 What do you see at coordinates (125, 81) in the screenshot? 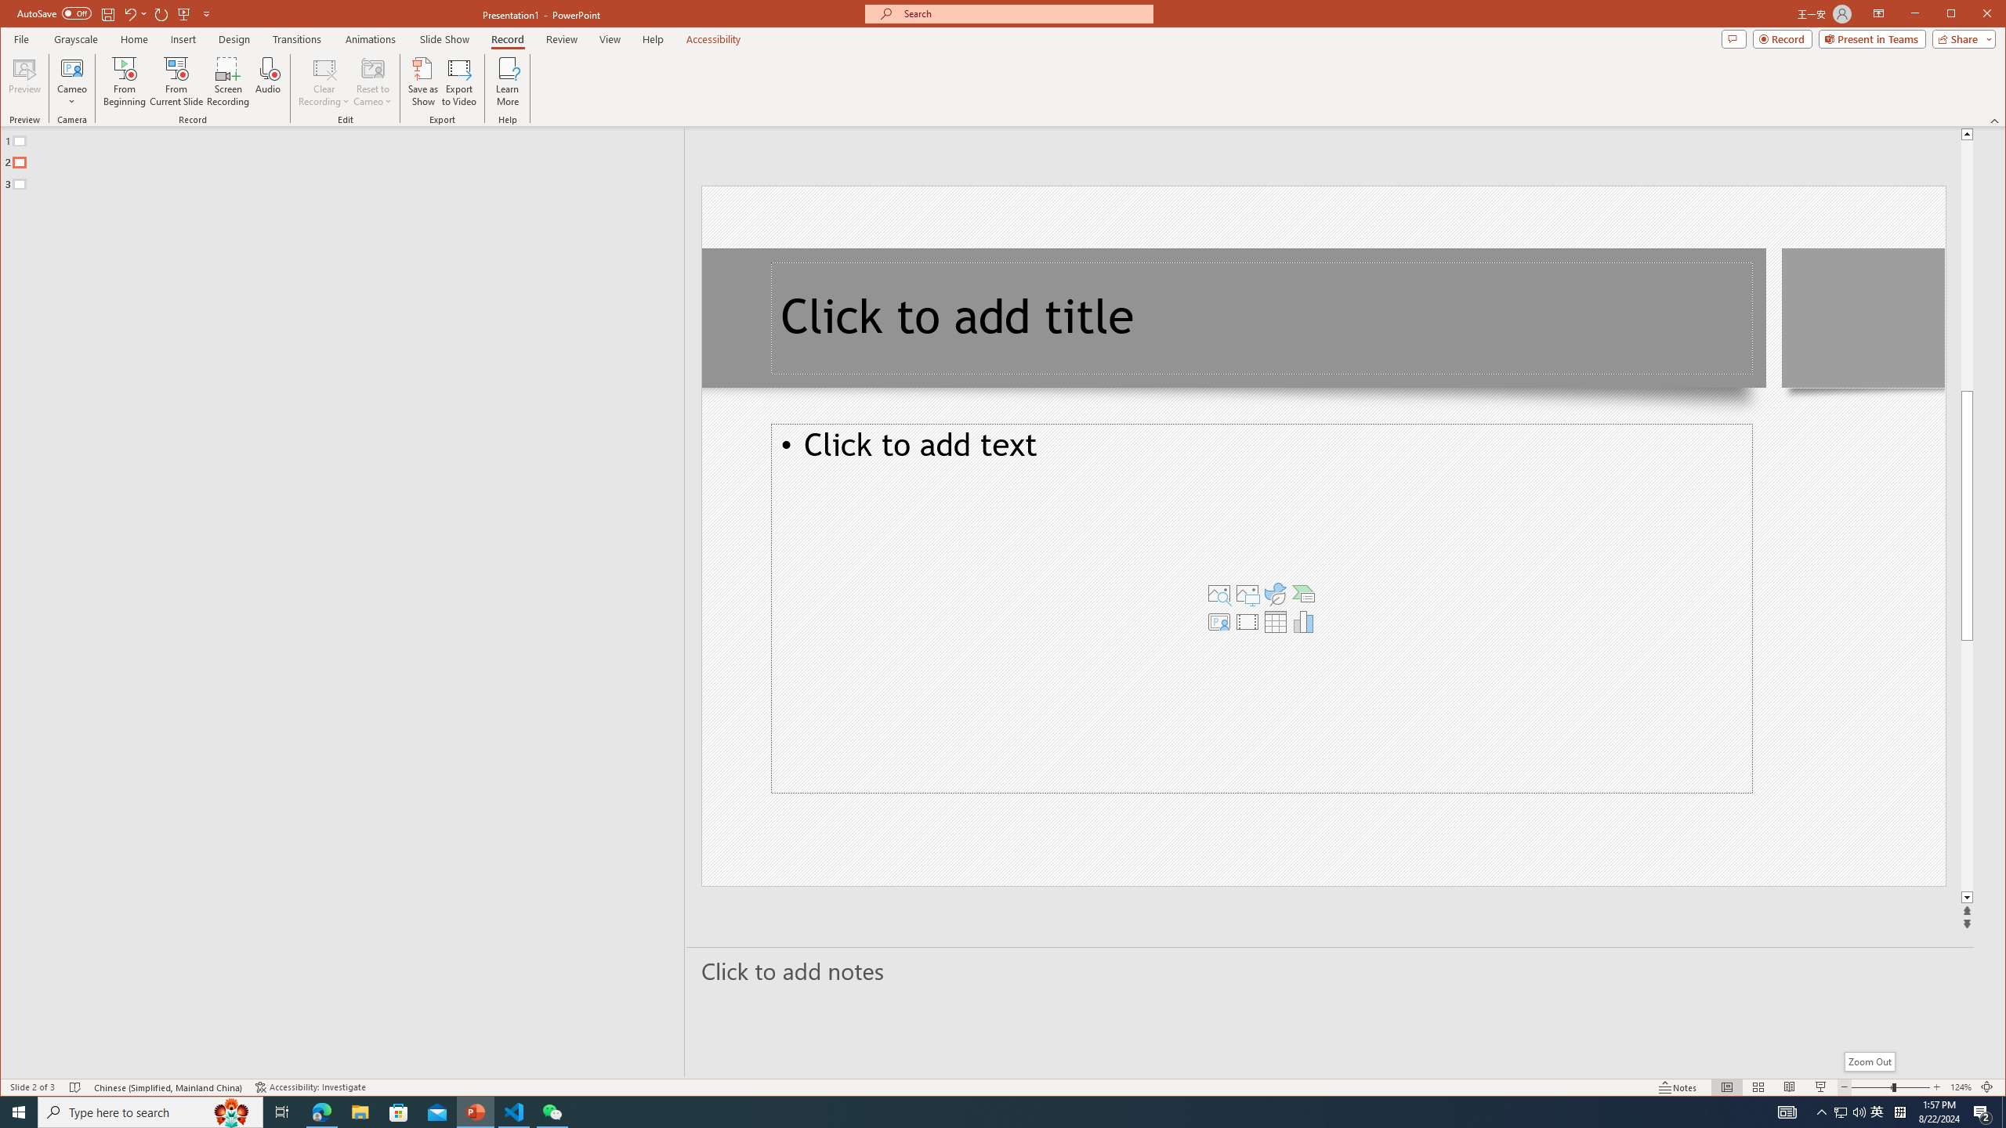
I see `'From Beginning...'` at bounding box center [125, 81].